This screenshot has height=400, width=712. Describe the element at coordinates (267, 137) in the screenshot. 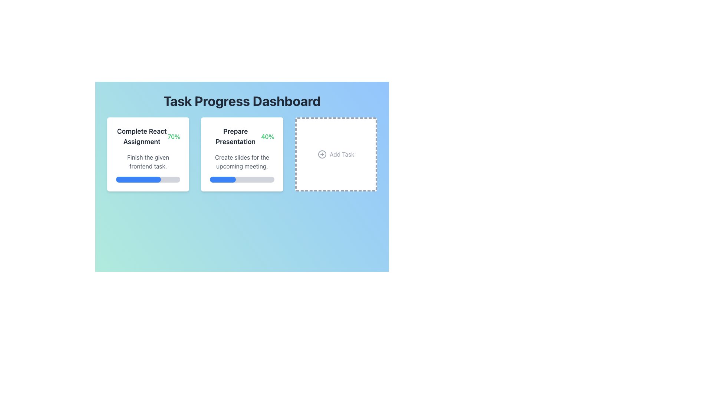

I see `the text label that displays the progress percentage of the task 'Prepare Presentation', located in the second card from the left in the task progress dashboard` at that location.